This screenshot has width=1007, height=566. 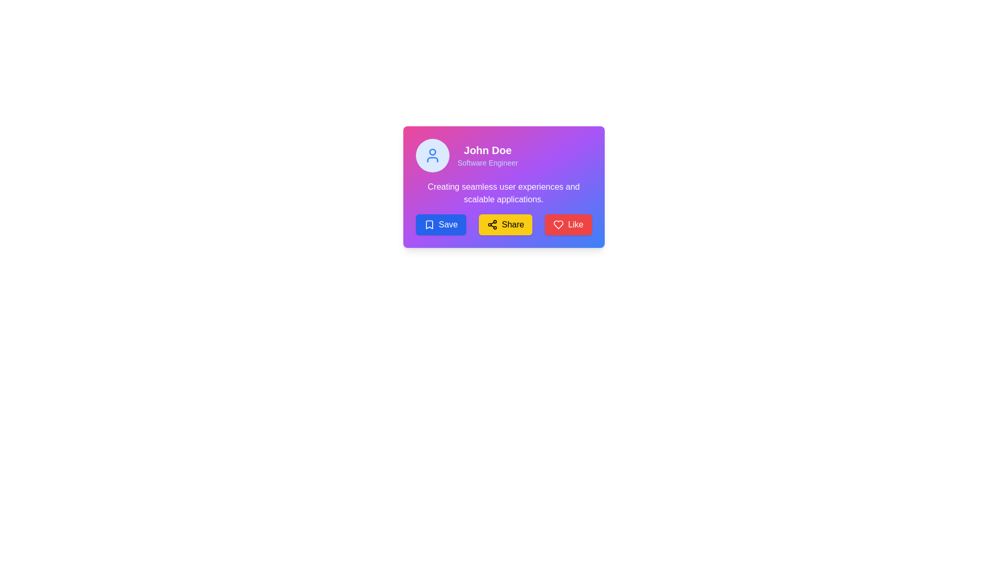 I want to click on the text block that provides additional context about the profile, located below the user details section and above the buttons in the card component, so click(x=504, y=193).